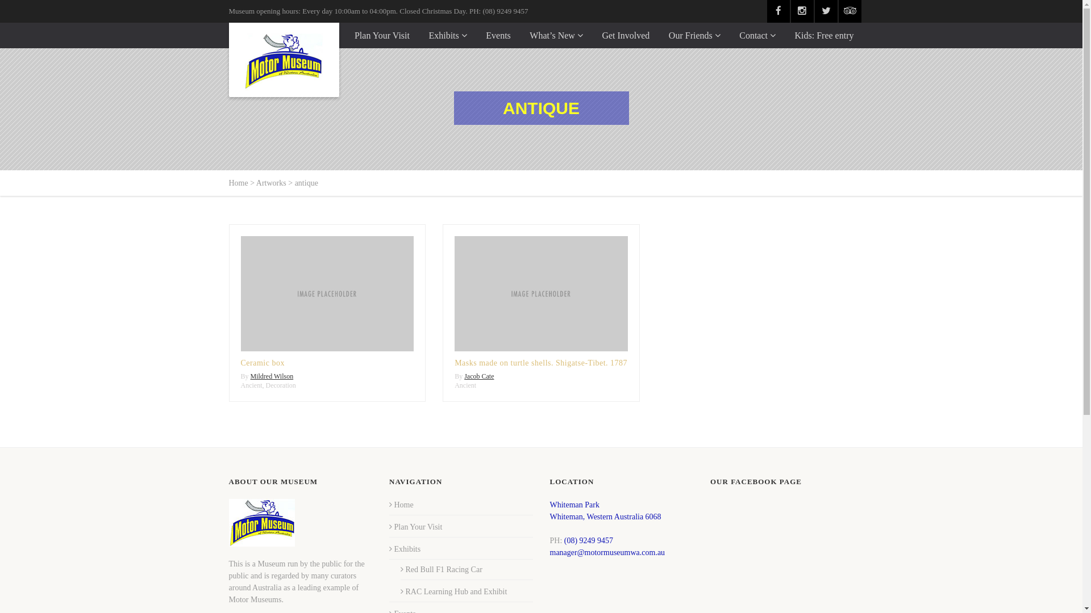 This screenshot has width=1091, height=613. What do you see at coordinates (479, 376) in the screenshot?
I see `'Jacob Cate'` at bounding box center [479, 376].